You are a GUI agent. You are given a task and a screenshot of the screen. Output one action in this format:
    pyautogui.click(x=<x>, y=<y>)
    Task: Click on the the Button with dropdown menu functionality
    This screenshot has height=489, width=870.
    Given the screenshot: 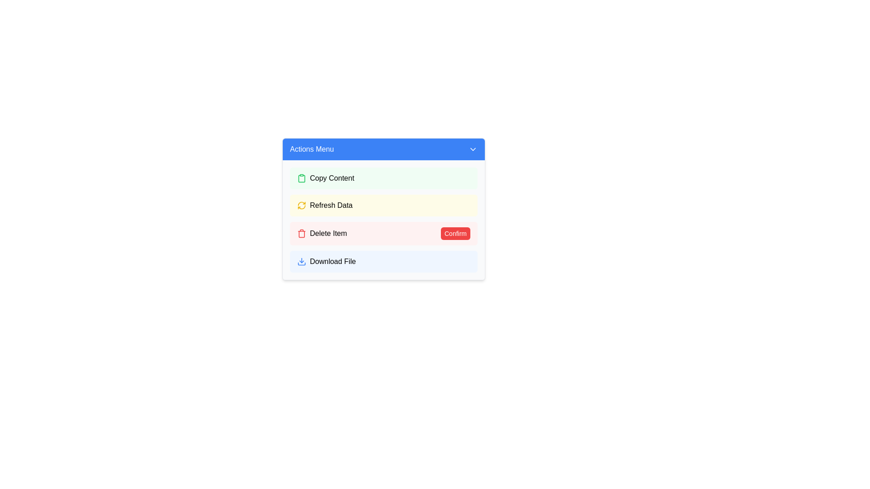 What is the action you would take?
    pyautogui.click(x=383, y=149)
    